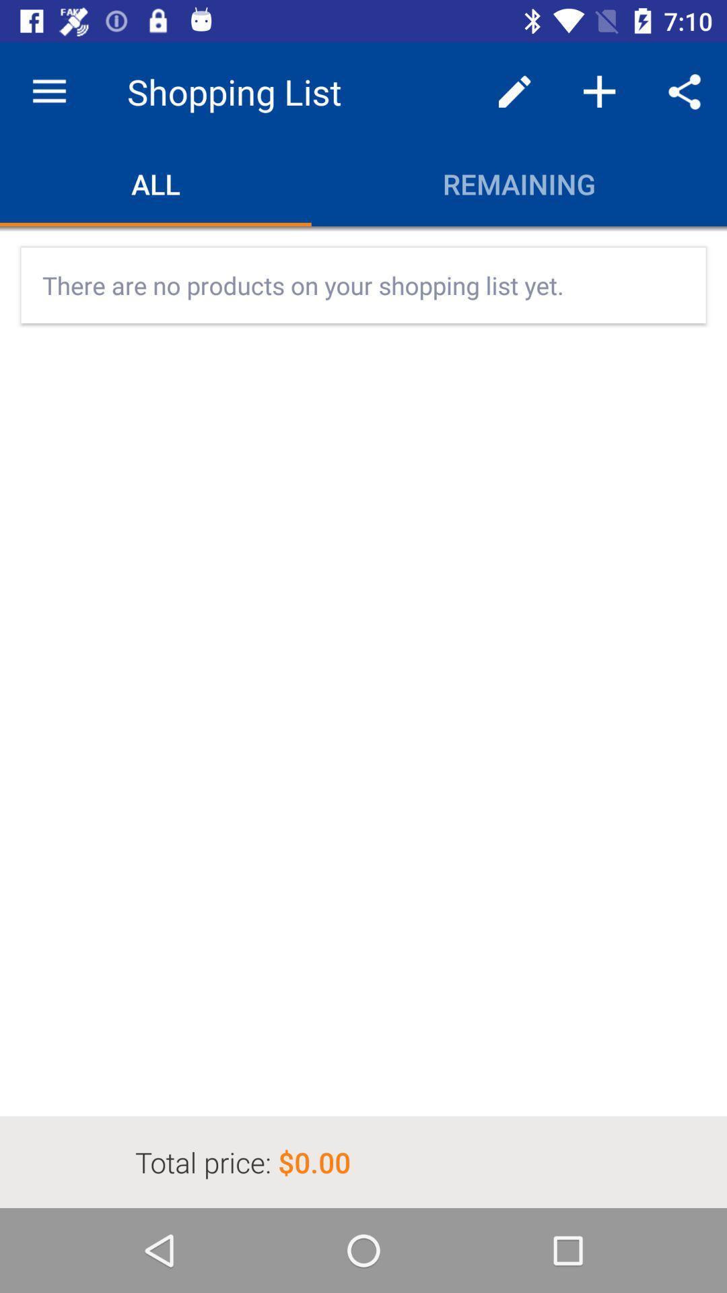  I want to click on icon above all, so click(48, 91).